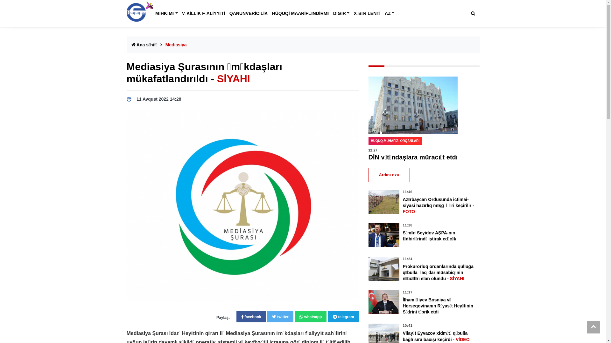  What do you see at coordinates (248, 13) in the screenshot?
I see `'QANUNVERICILIK'` at bounding box center [248, 13].